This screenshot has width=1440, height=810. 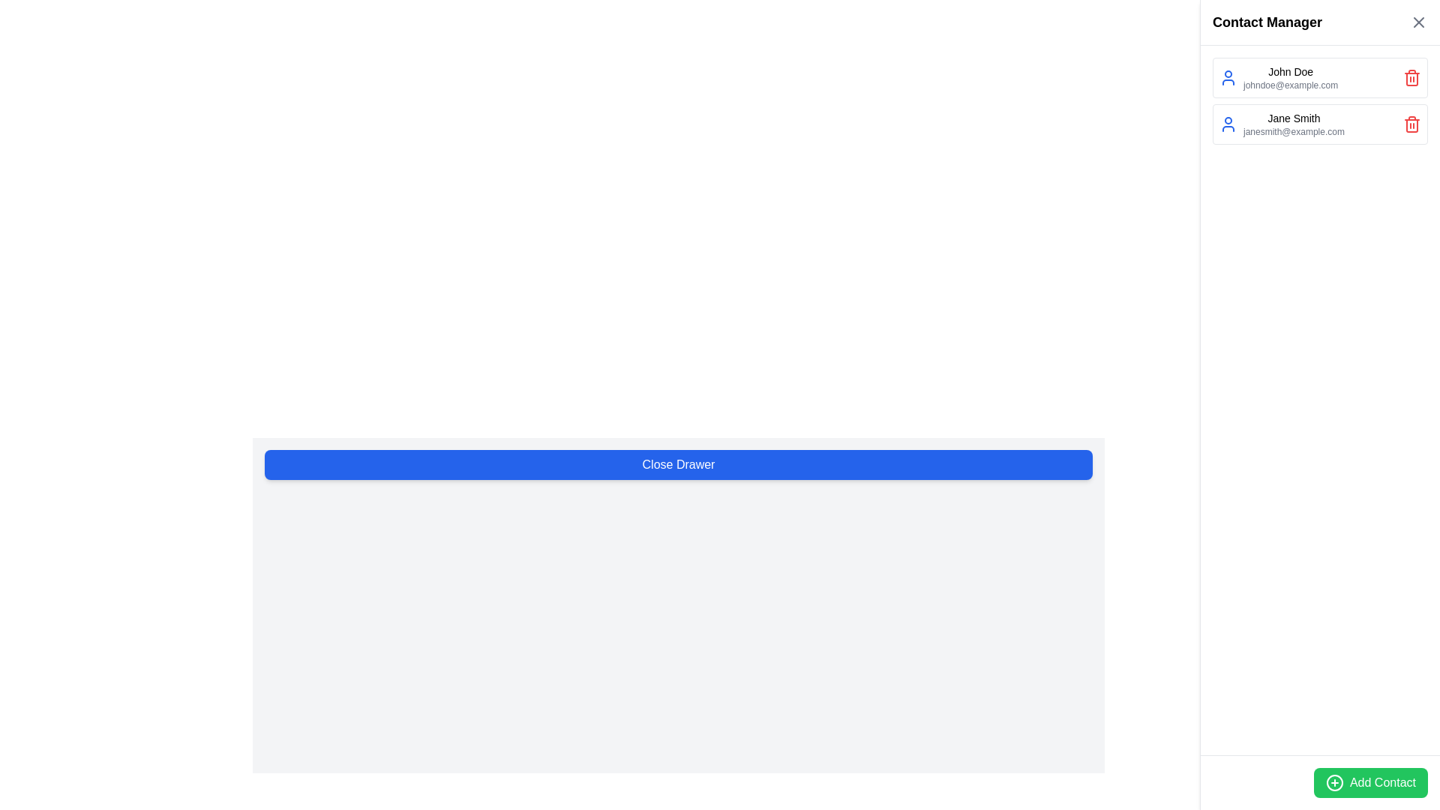 I want to click on the 'Add Contact' button which contains a circular SVG element with a '+' symbol, located at the bottom-right corner of the interface, so click(x=1335, y=782).